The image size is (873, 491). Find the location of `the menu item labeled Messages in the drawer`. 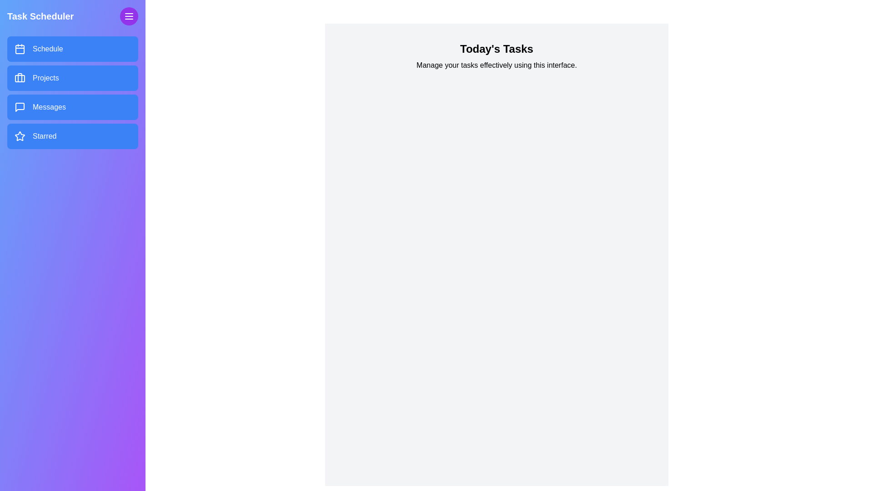

the menu item labeled Messages in the drawer is located at coordinates (72, 106).